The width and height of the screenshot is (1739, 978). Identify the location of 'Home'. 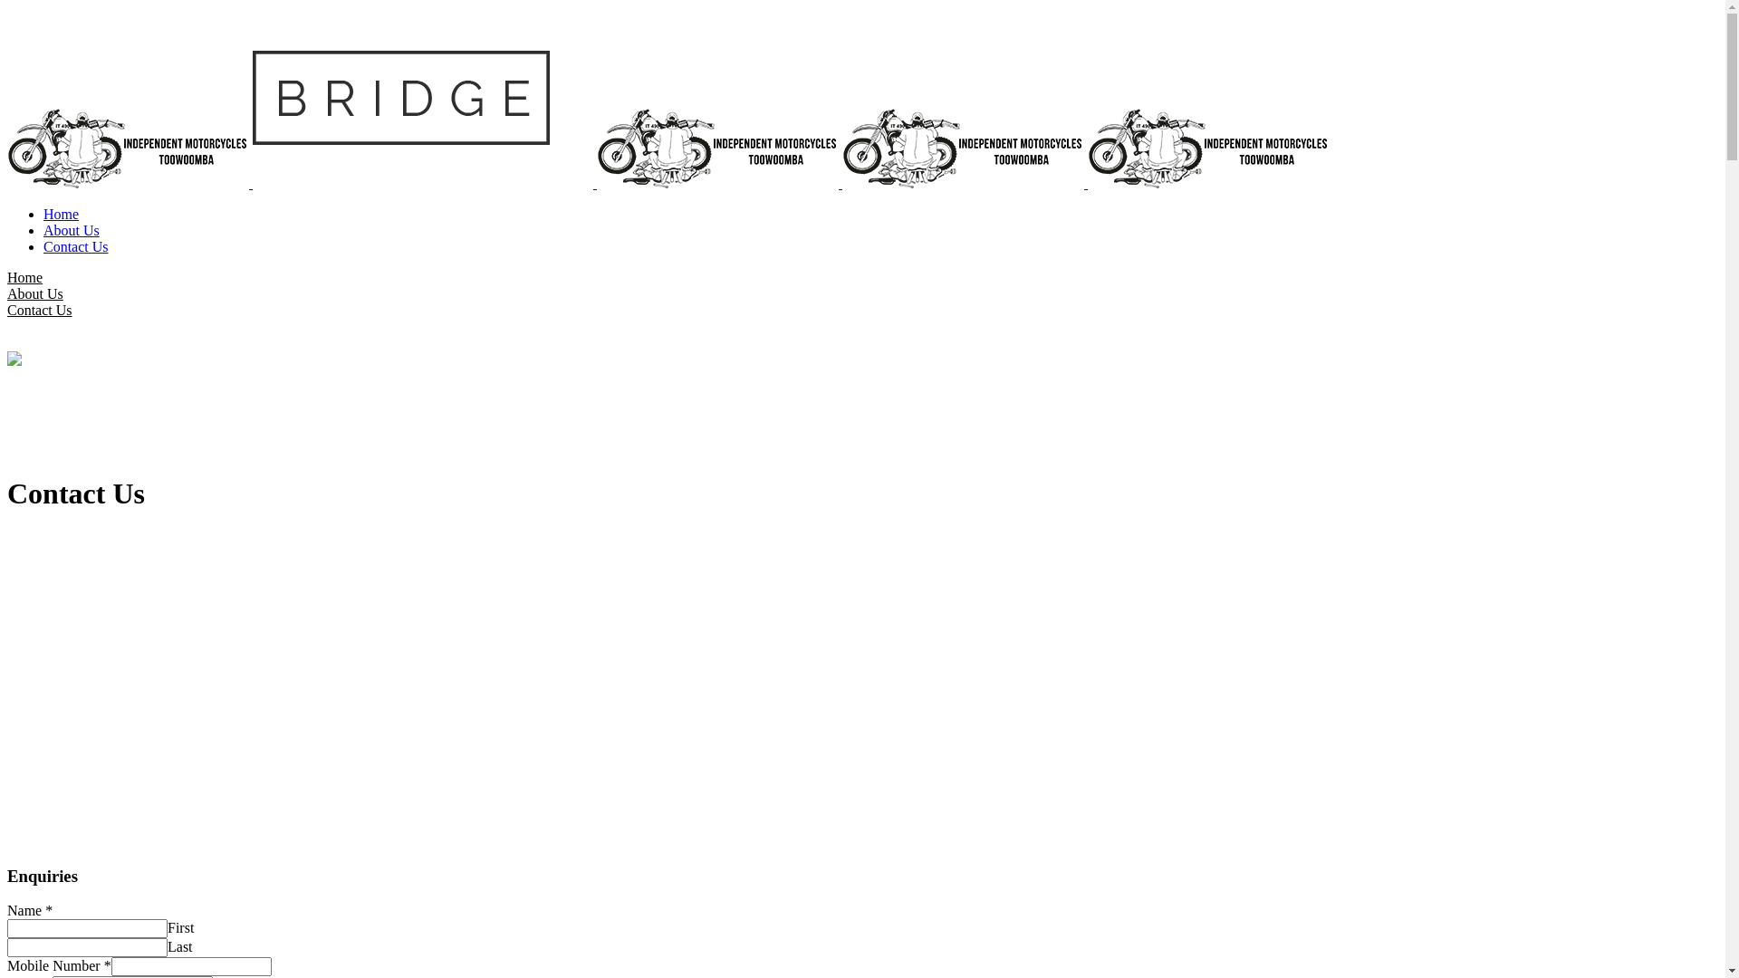
(24, 277).